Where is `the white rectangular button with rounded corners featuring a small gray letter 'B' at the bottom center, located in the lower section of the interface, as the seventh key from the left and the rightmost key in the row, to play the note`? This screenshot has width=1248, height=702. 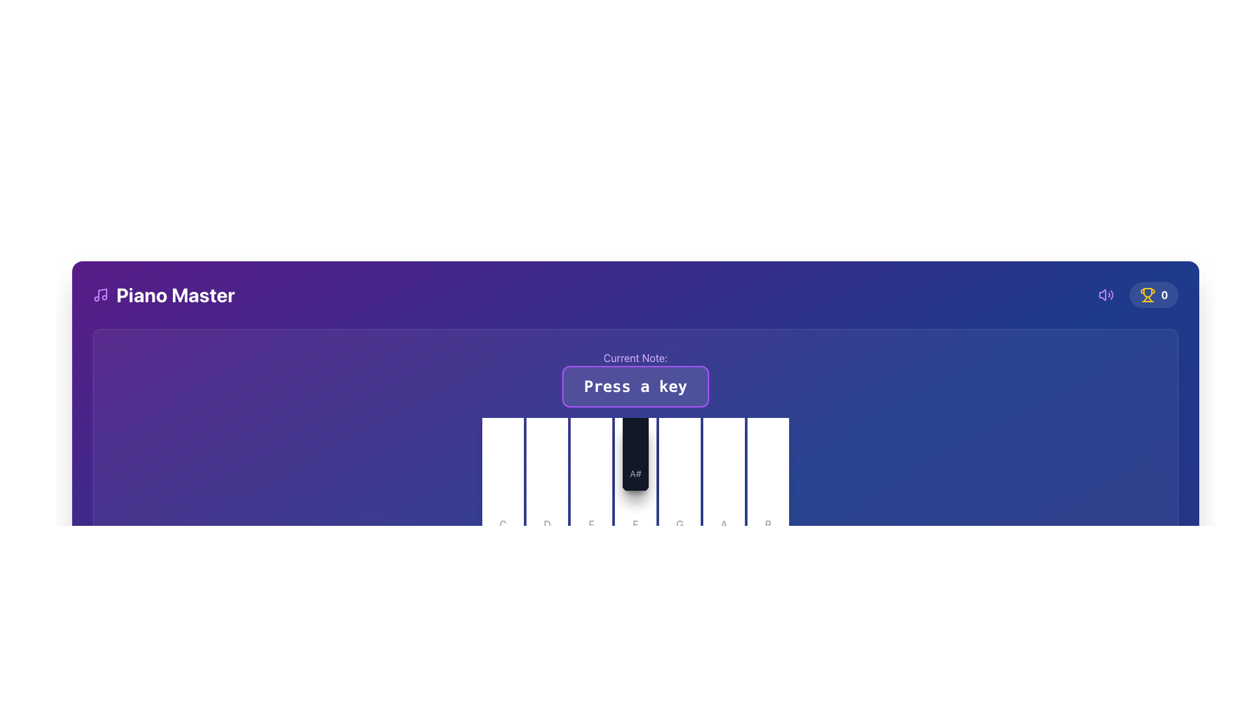
the white rectangular button with rounded corners featuring a small gray letter 'B' at the bottom center, located in the lower section of the interface, as the seventh key from the left and the rightmost key in the row, to play the note is located at coordinates (768, 480).